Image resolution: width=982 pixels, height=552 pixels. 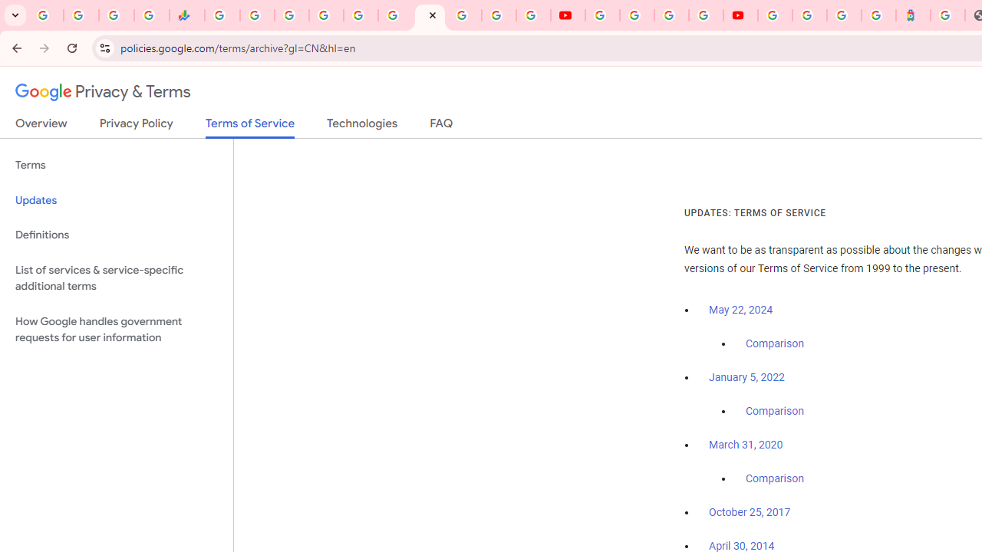 What do you see at coordinates (116, 166) in the screenshot?
I see `'Terms'` at bounding box center [116, 166].